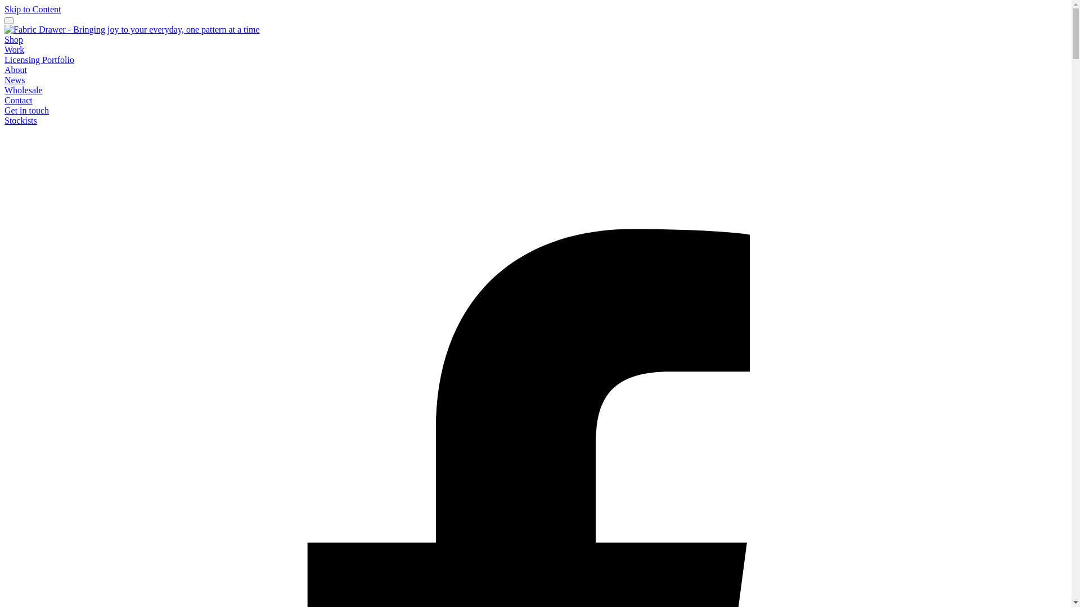  Describe the element at coordinates (39, 60) in the screenshot. I see `'Licensing Portfolio'` at that location.